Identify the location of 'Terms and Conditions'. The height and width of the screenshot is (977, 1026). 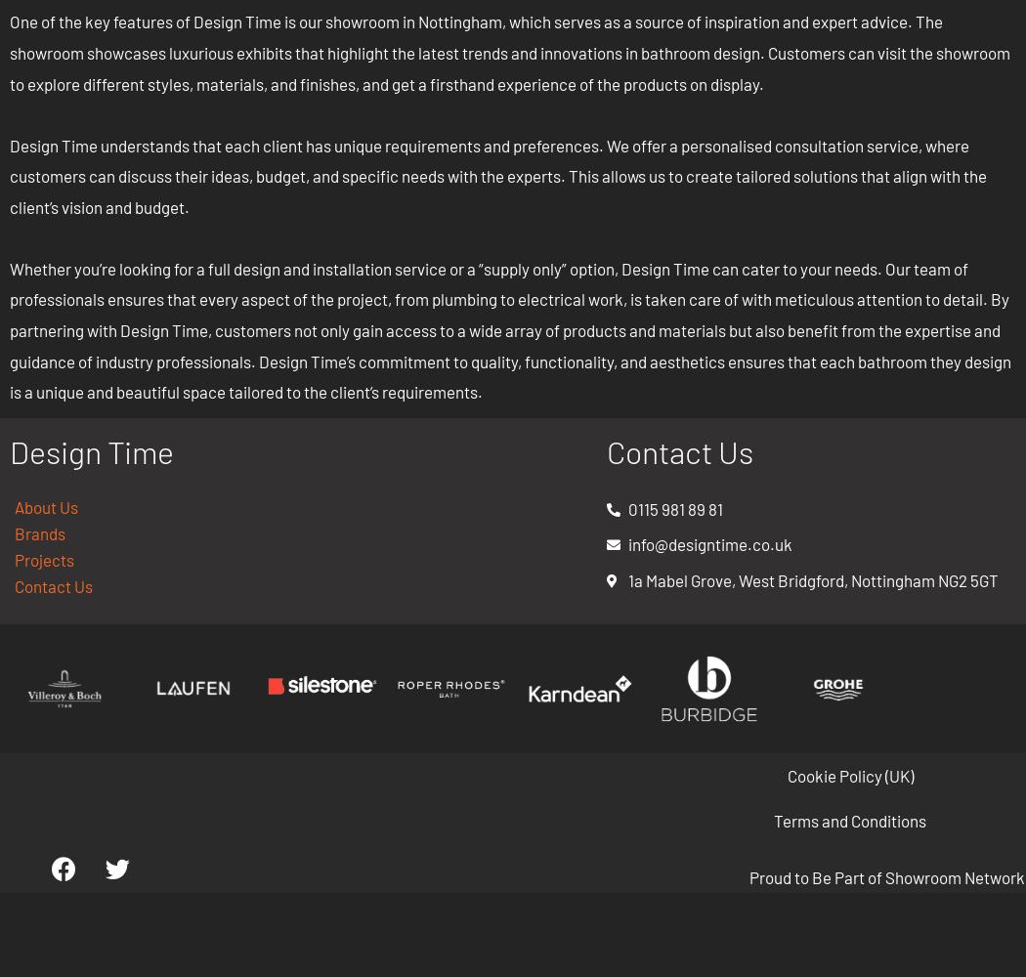
(849, 819).